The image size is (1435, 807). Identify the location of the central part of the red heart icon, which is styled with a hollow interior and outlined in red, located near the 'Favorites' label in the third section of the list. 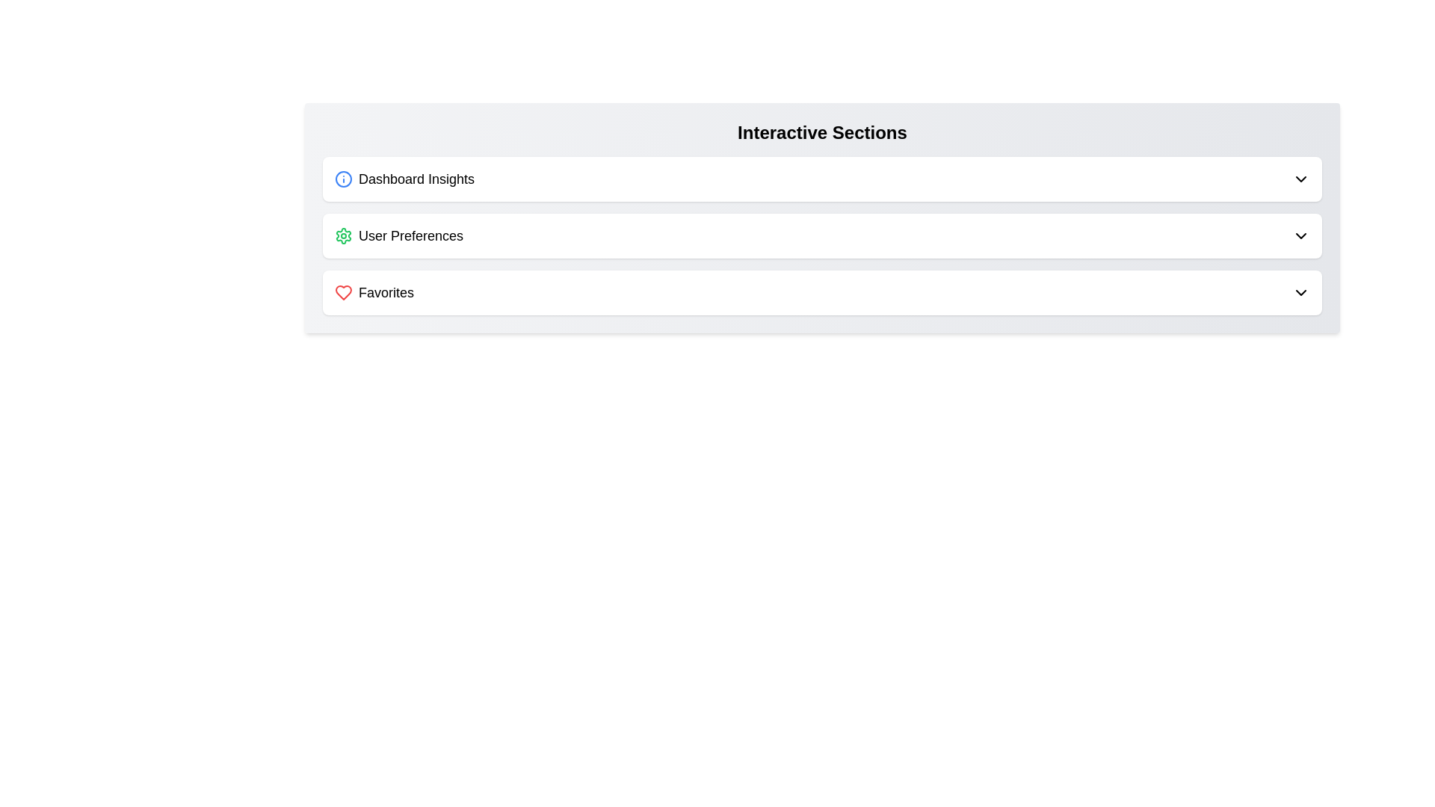
(343, 293).